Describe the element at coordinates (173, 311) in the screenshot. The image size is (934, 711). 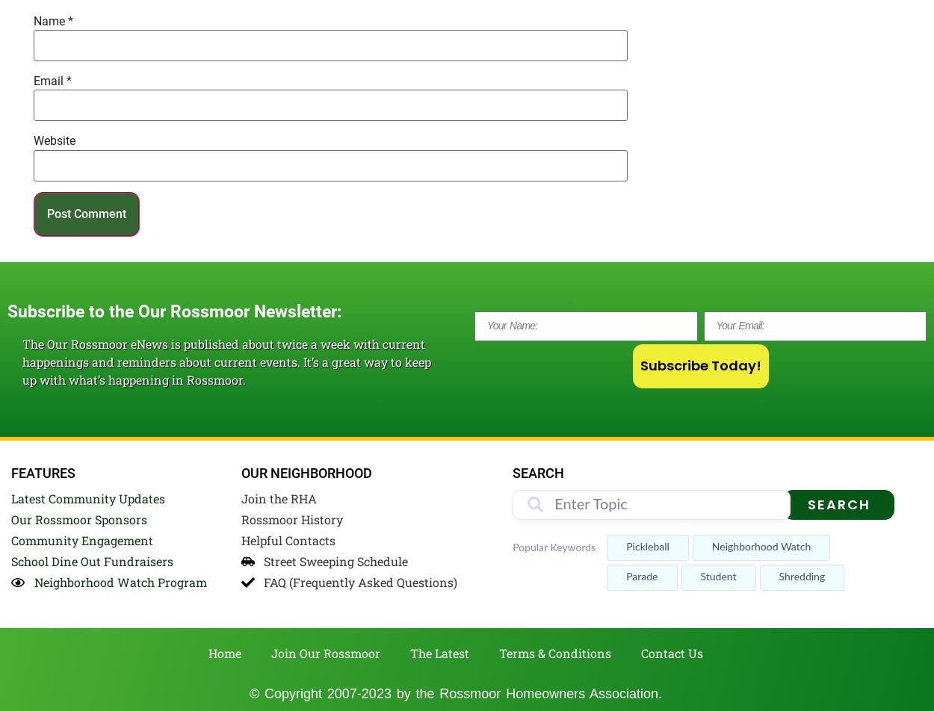
I see `'Subscribe to the Our Rossmoor Newsletter:'` at that location.